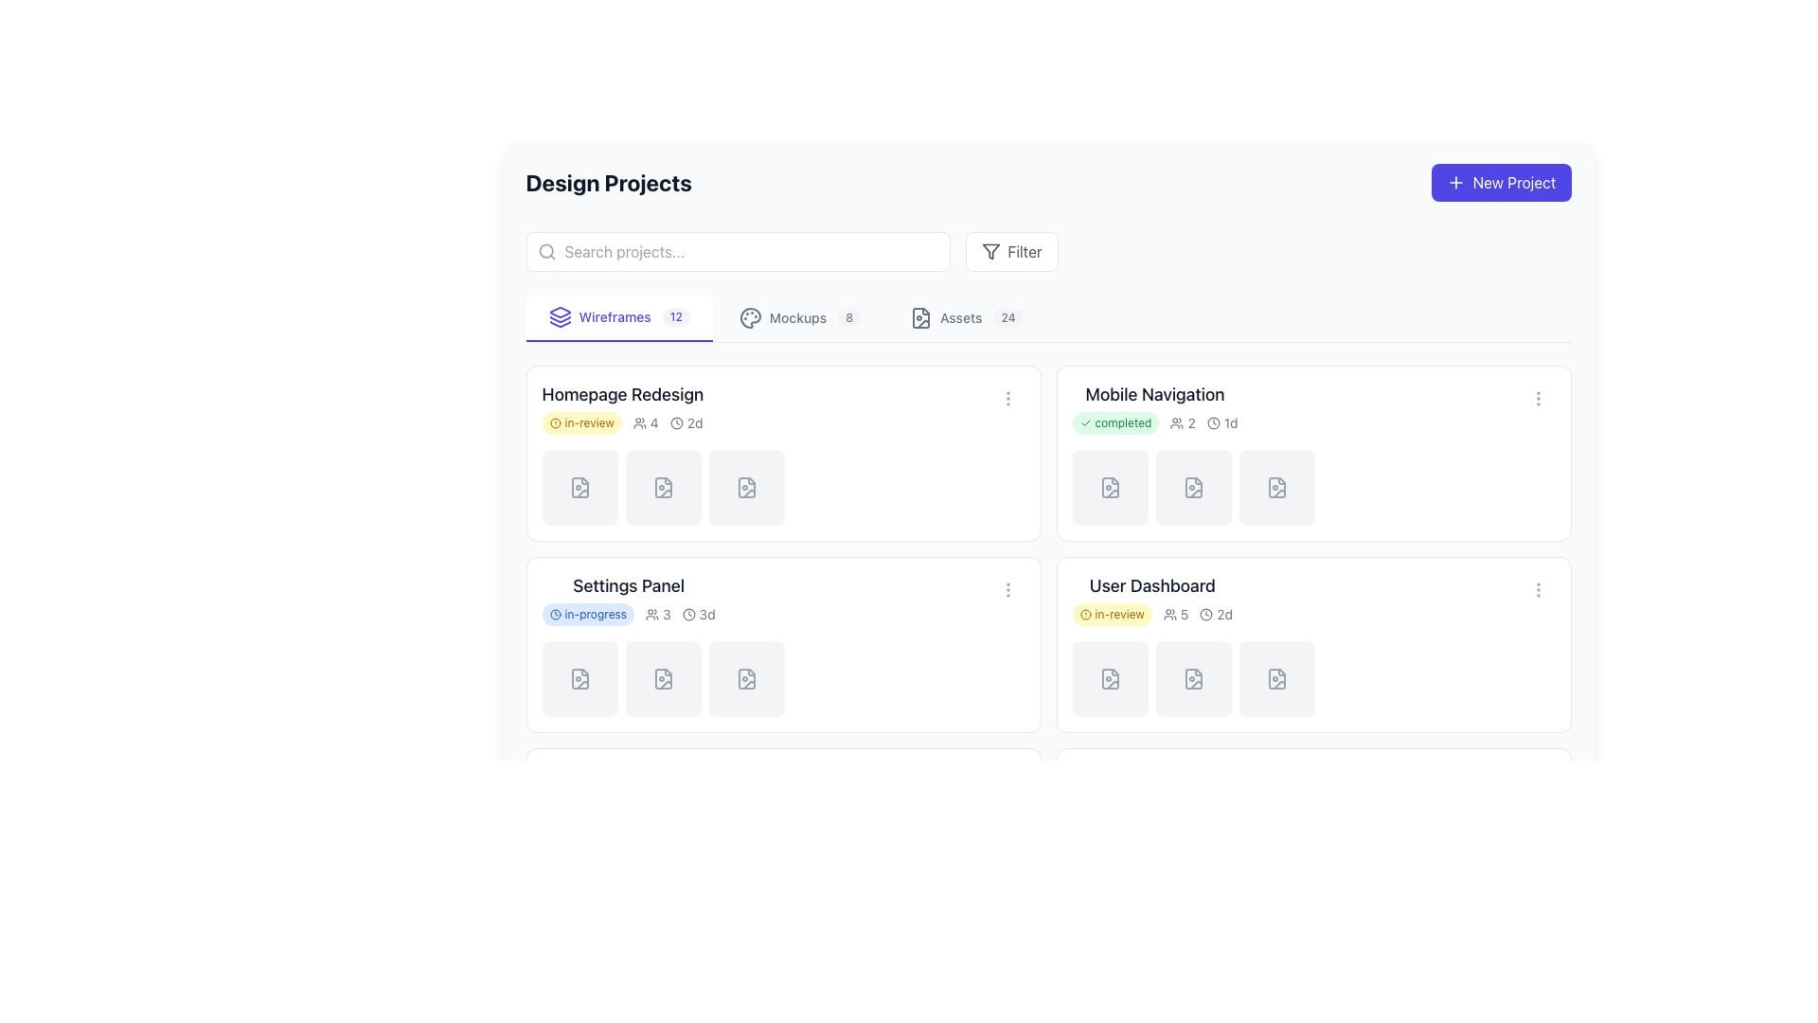  Describe the element at coordinates (663, 487) in the screenshot. I see `the gray square icon representing a document` at that location.